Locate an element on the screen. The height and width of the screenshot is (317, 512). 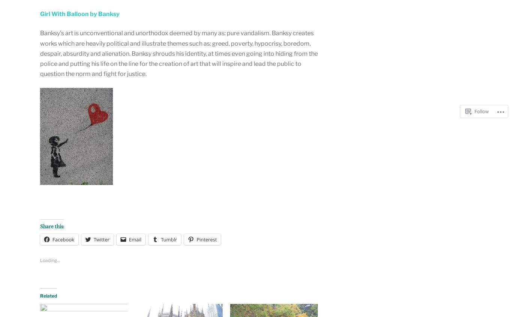
'Related' is located at coordinates (48, 296).